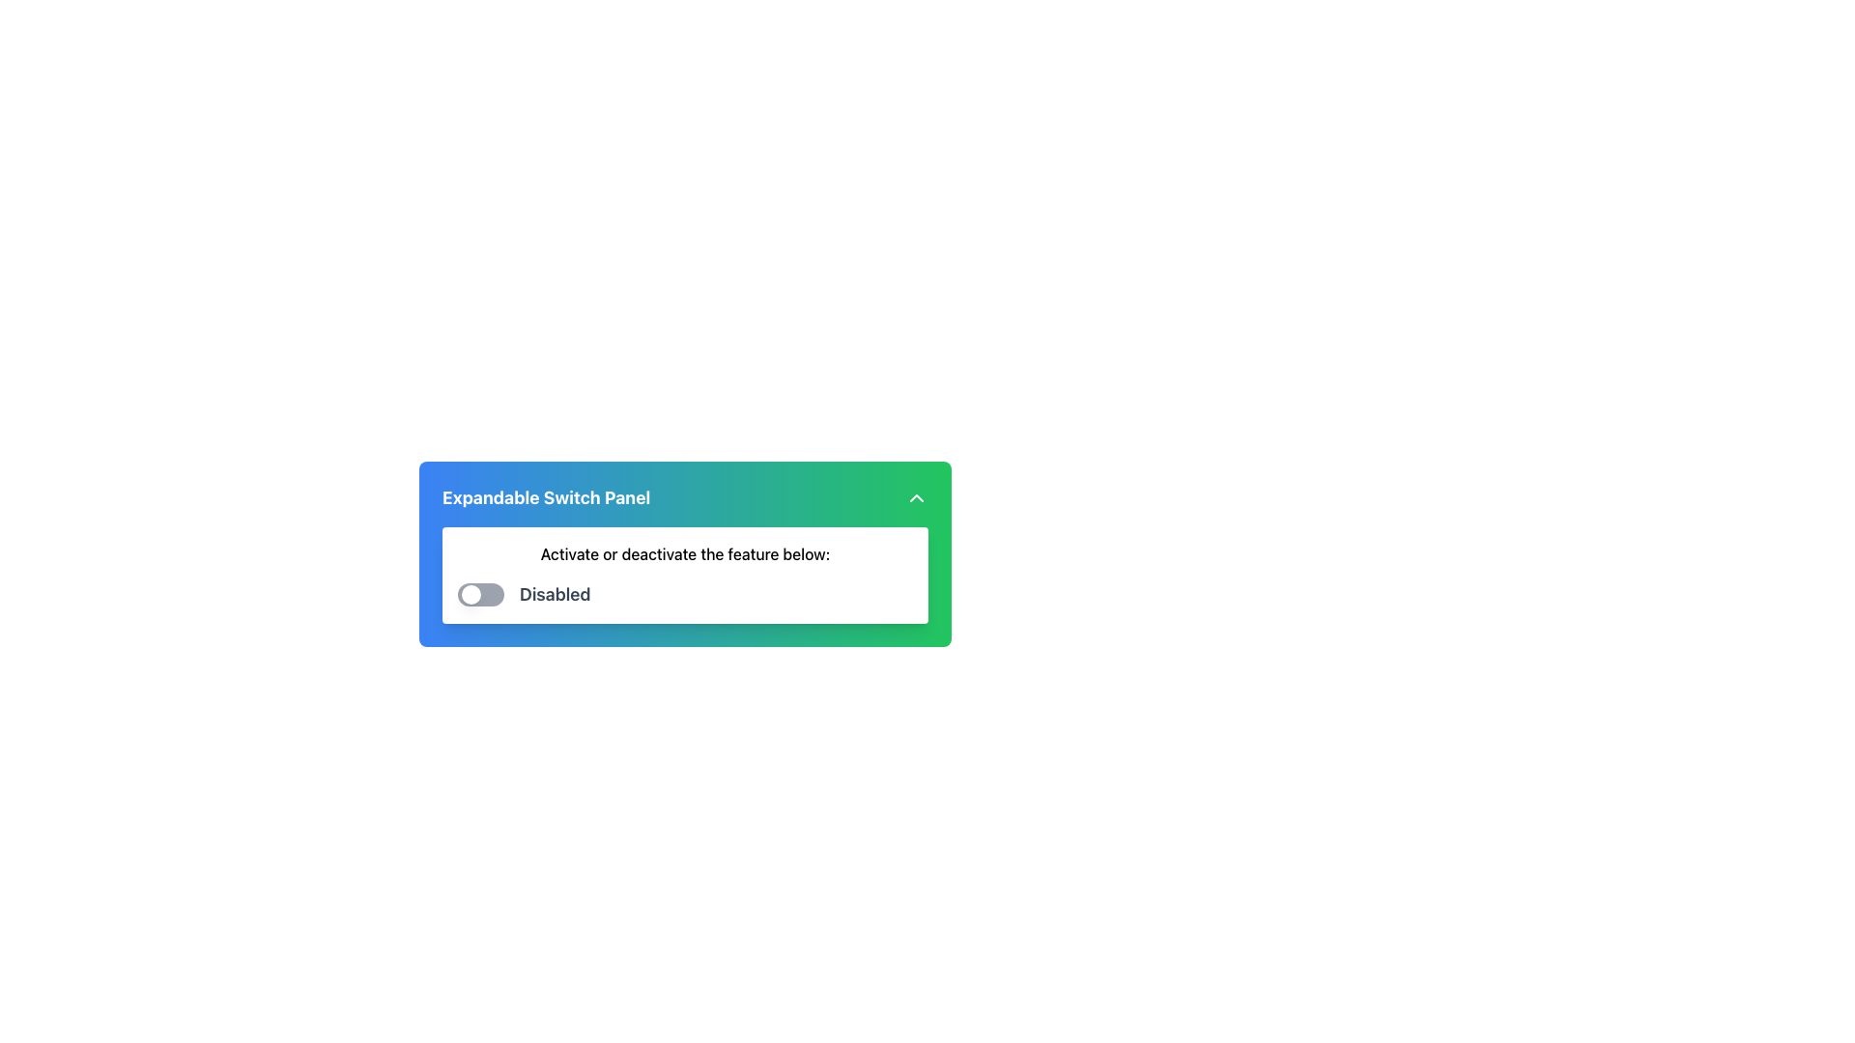 Image resolution: width=1855 pixels, height=1043 pixels. Describe the element at coordinates (916, 497) in the screenshot. I see `the toggle Icon button located in the top-right corner of the green header section` at that location.